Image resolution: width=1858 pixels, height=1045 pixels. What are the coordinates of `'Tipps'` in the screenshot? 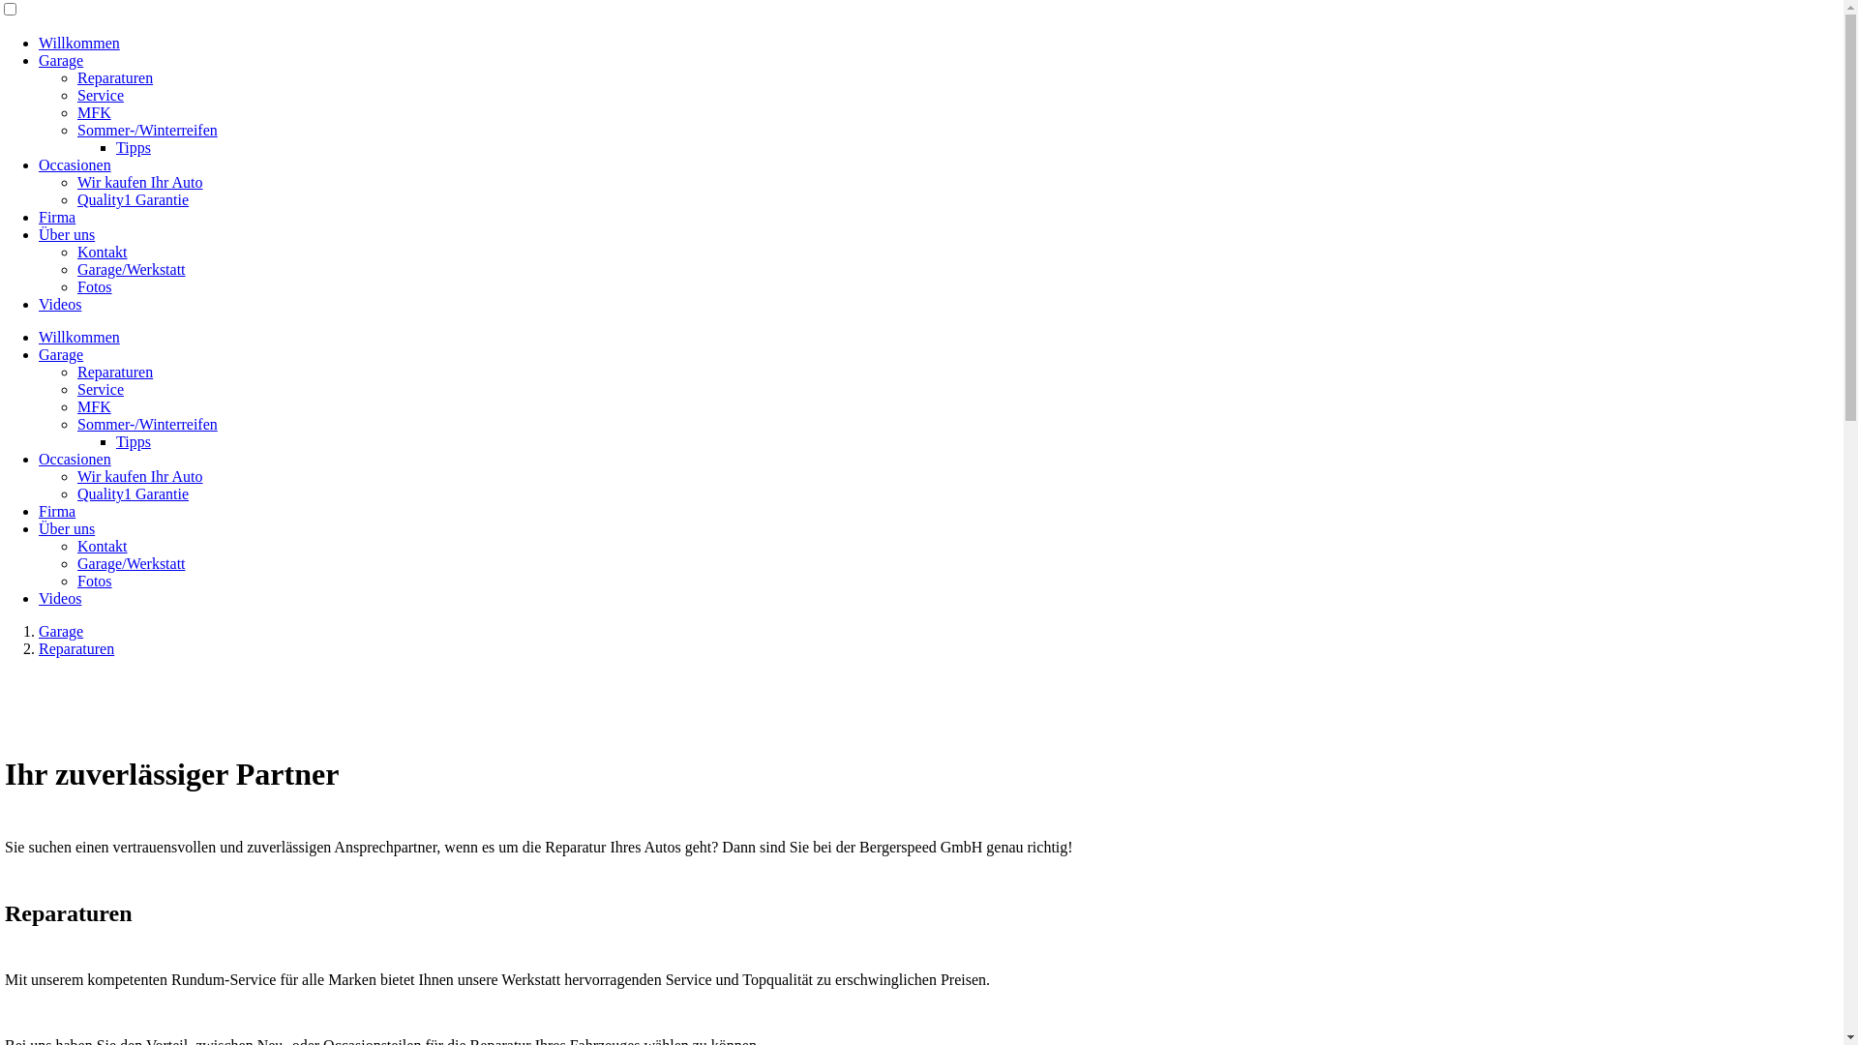 It's located at (133, 441).